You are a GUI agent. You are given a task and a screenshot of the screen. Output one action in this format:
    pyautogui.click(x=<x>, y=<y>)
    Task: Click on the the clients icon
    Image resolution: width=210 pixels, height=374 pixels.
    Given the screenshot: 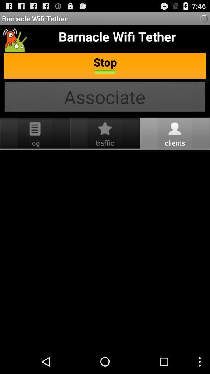 What is the action you would take?
    pyautogui.click(x=175, y=129)
    